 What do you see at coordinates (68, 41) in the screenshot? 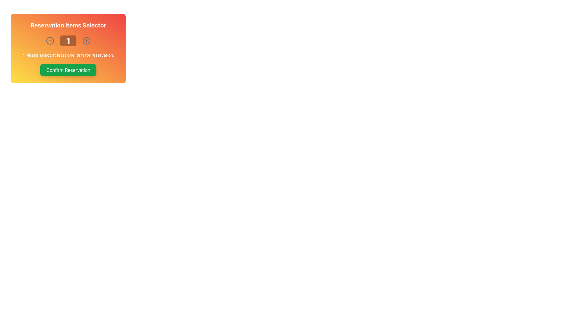
I see `the Numeric Input Display which is a rectangular box with a bold '1' label in the center, surrounded by a faintly visible dark background` at bounding box center [68, 41].